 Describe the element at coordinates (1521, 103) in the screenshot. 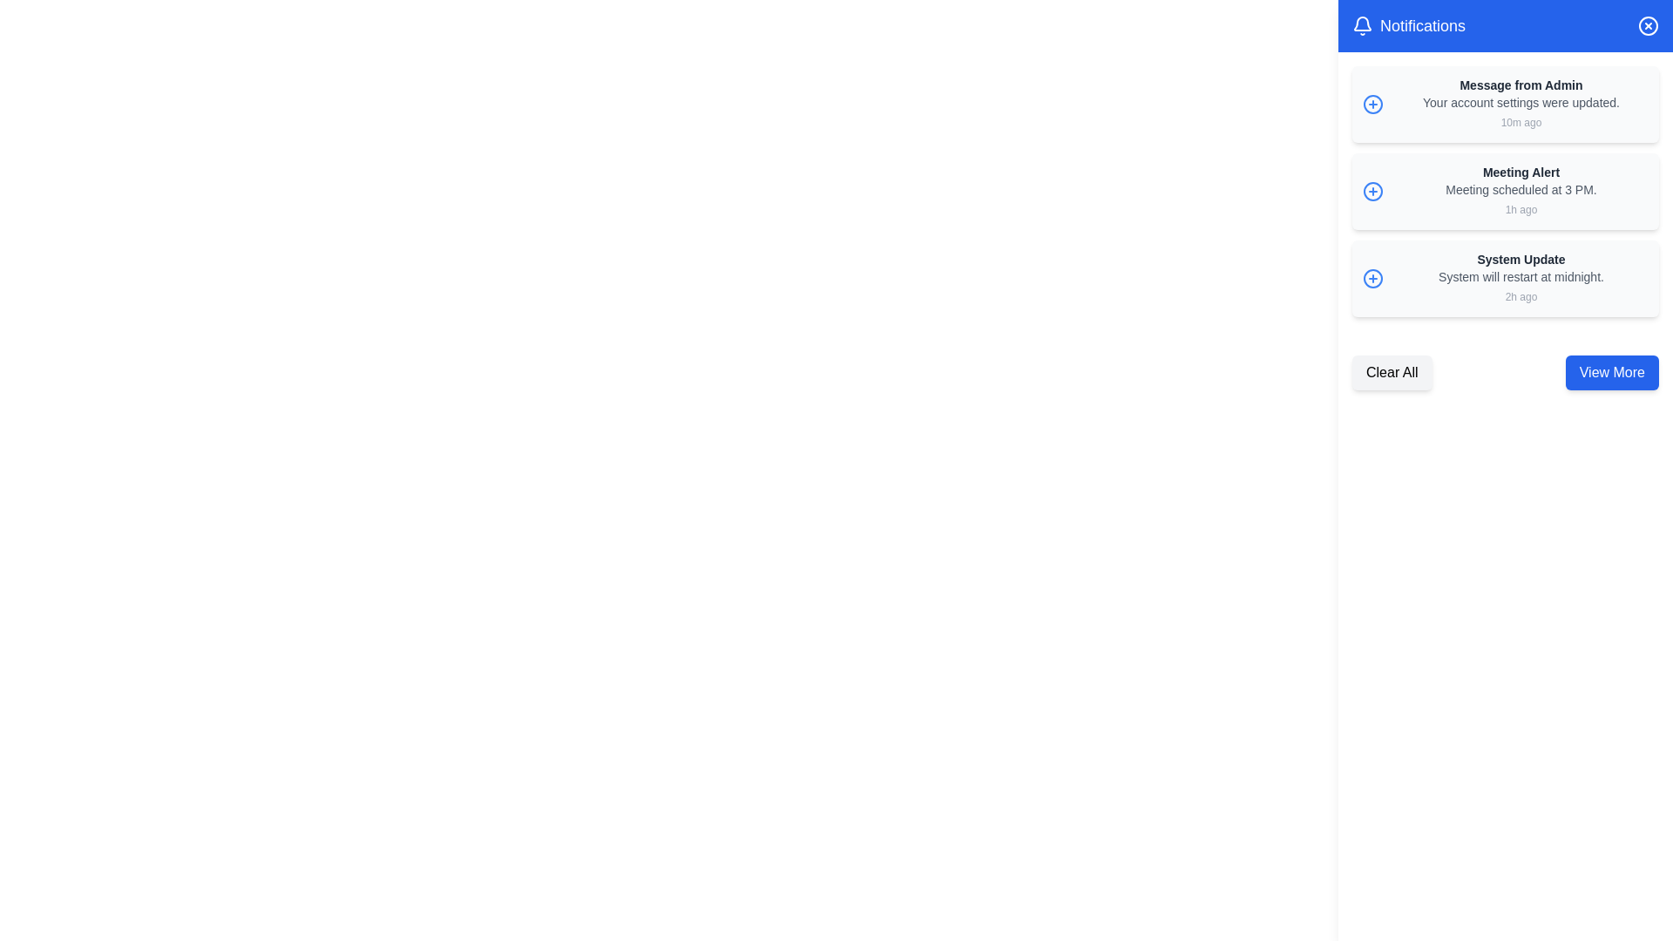

I see `the text displaying 'Your account settings were updated.' located under the 'Message from Admin' heading in the notification card` at that location.